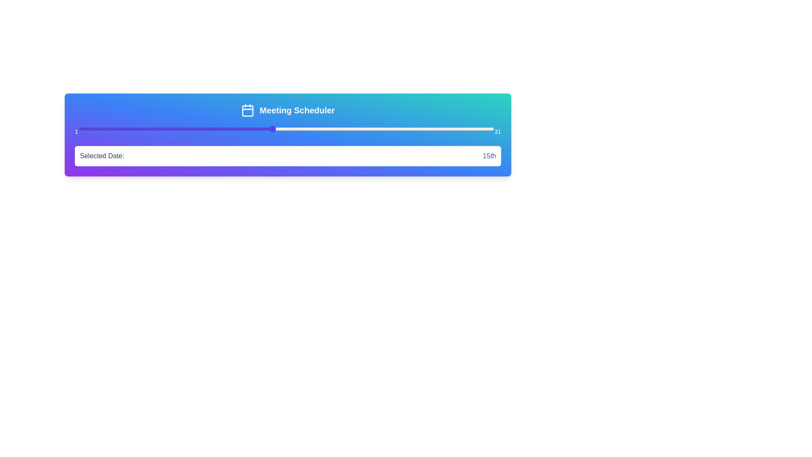 This screenshot has width=812, height=457. I want to click on the date, so click(119, 129).